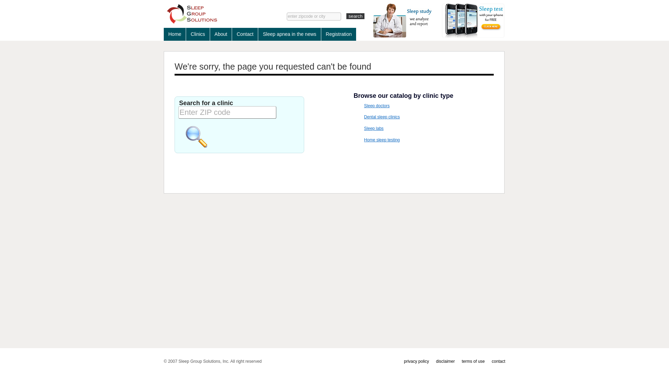  Describe the element at coordinates (374, 128) in the screenshot. I see `'Sleep labs'` at that location.